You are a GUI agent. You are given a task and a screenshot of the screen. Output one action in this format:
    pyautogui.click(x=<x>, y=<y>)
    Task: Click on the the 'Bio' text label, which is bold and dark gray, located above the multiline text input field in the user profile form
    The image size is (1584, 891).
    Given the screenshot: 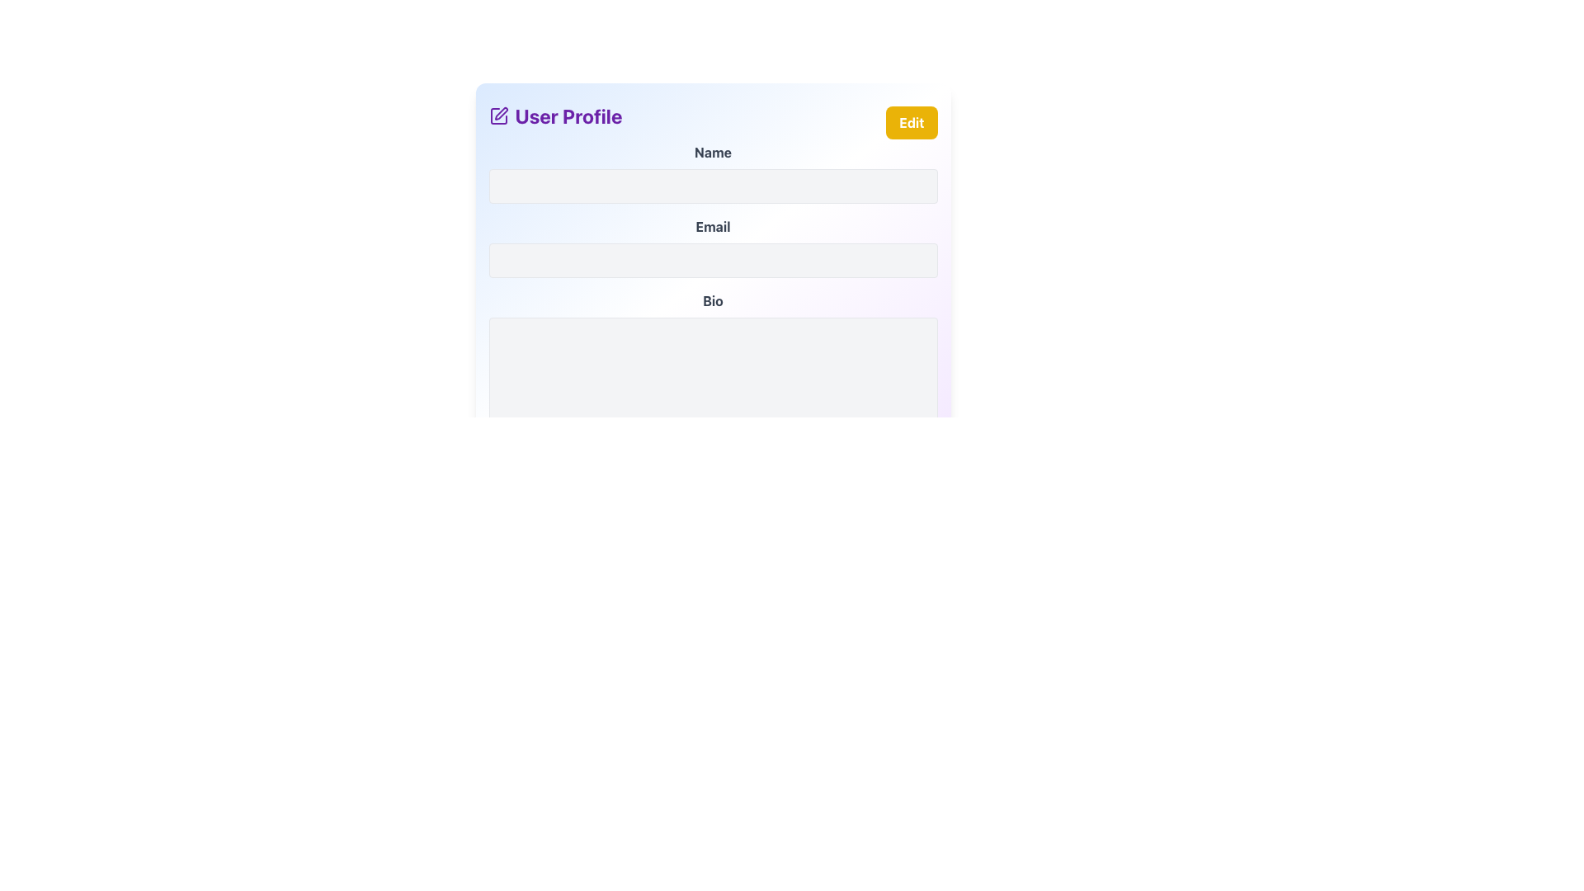 What is the action you would take?
    pyautogui.click(x=713, y=301)
    